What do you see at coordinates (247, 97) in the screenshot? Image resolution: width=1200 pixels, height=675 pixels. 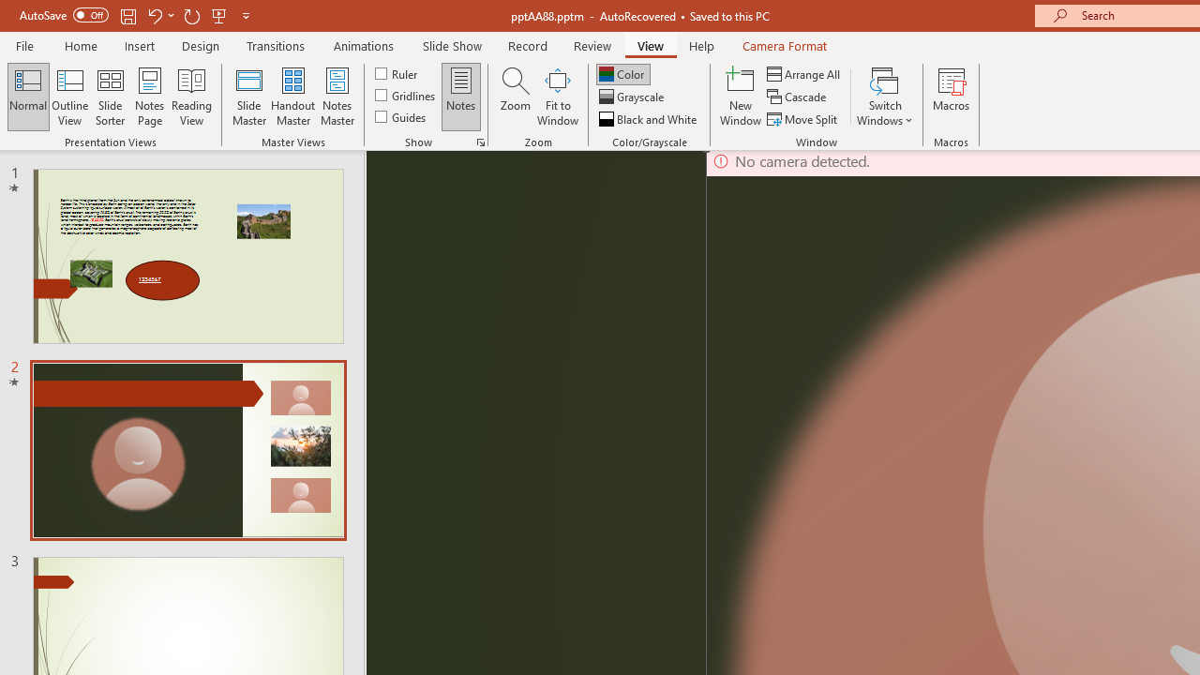 I see `'Slide Master'` at bounding box center [247, 97].